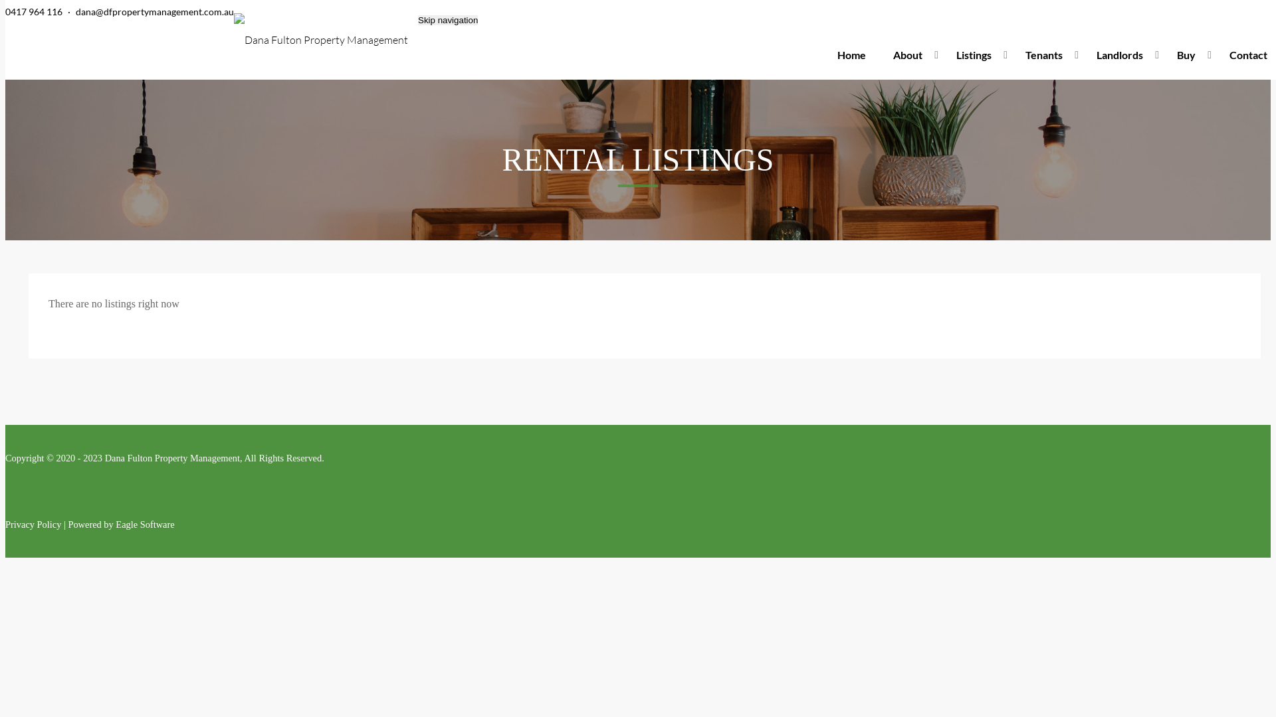 This screenshot has height=717, width=1276. What do you see at coordinates (851, 54) in the screenshot?
I see `'Home'` at bounding box center [851, 54].